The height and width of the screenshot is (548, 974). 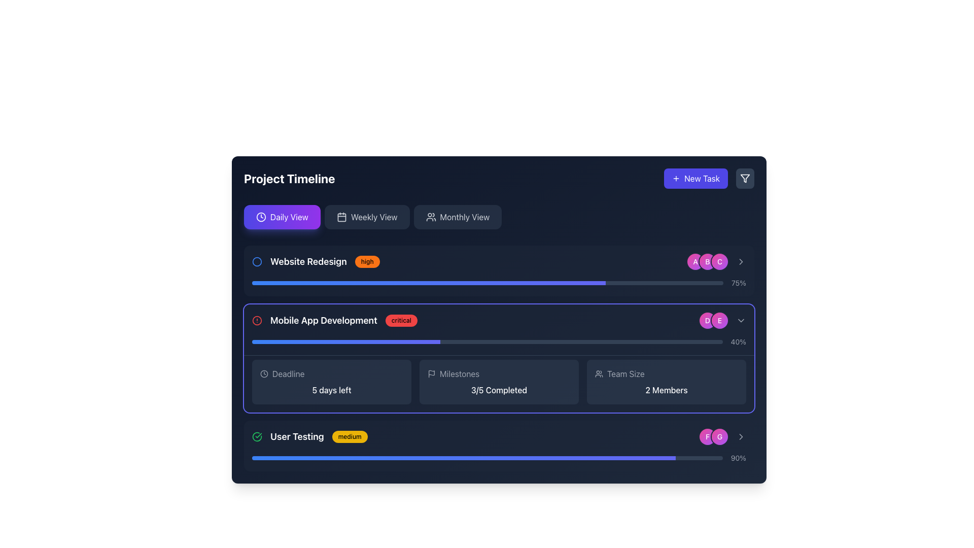 I want to click on the blue outlined circle icon next to the text 'Website Redesign' in the 'Project Timeline' section, so click(x=257, y=261).